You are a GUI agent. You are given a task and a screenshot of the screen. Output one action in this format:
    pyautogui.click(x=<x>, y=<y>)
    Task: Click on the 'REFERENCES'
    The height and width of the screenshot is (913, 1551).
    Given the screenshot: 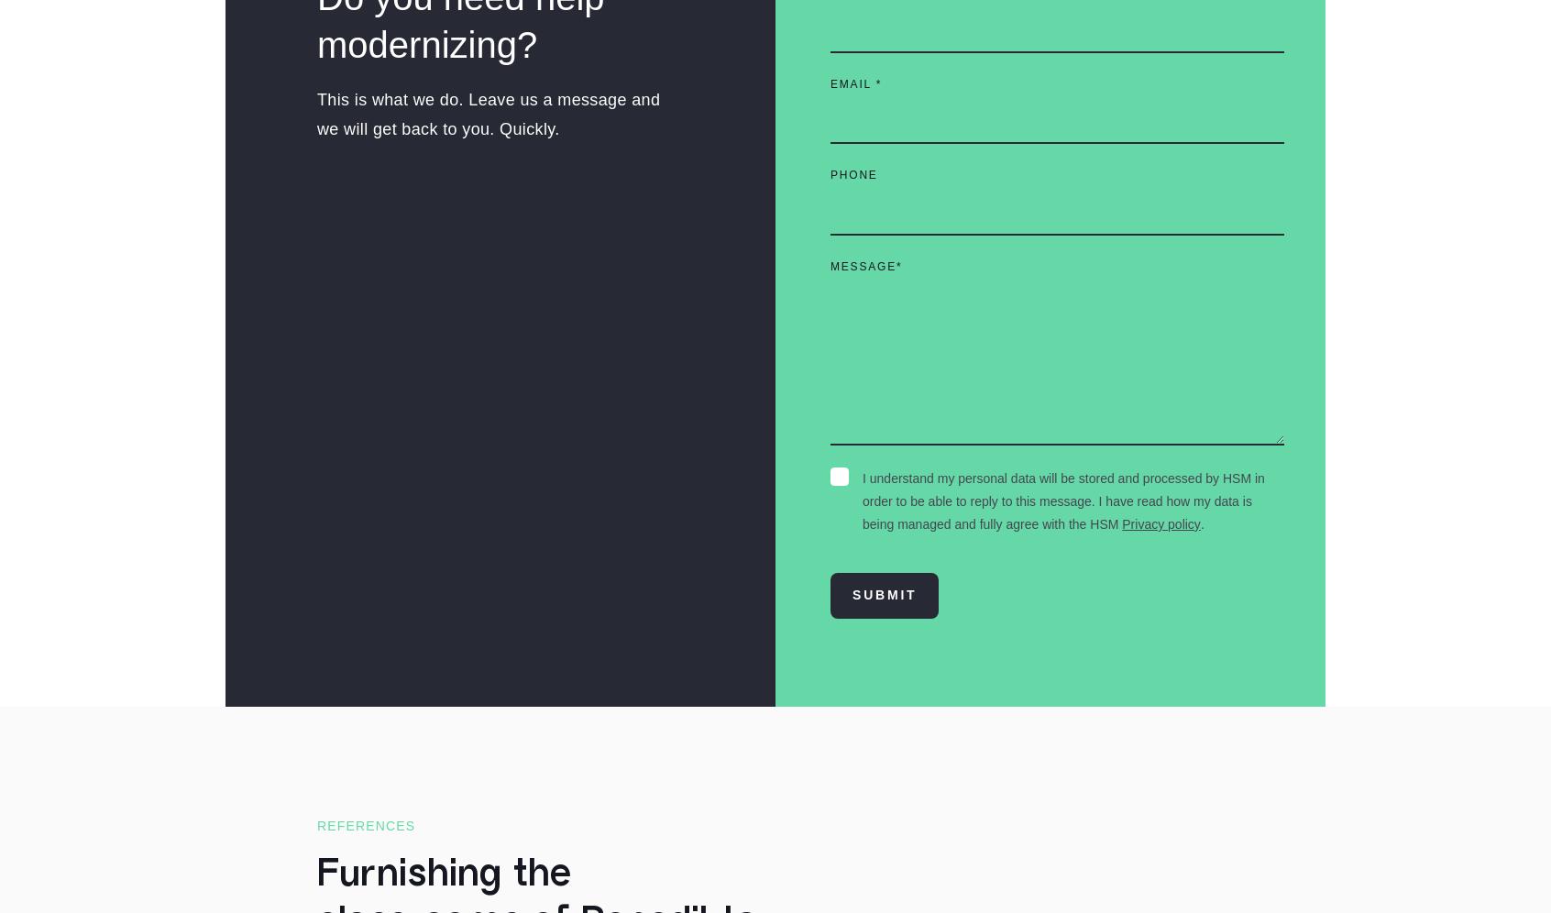 What is the action you would take?
    pyautogui.click(x=366, y=825)
    